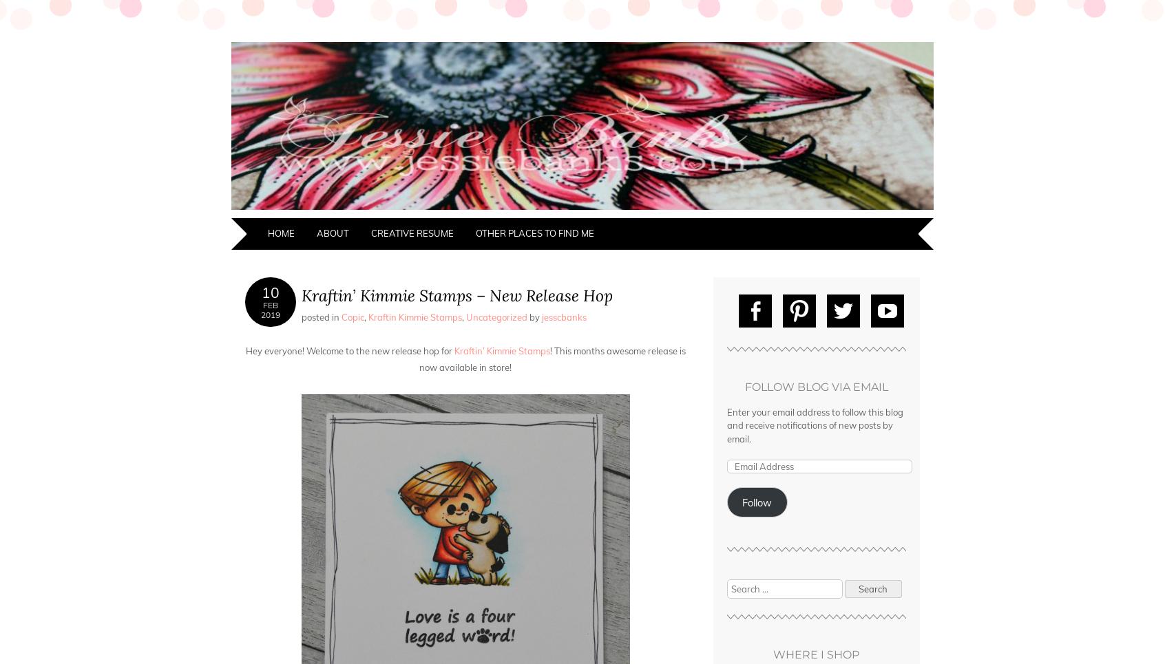  What do you see at coordinates (456, 294) in the screenshot?
I see `'Kraftin’ Kimmie Stamps – New Release Hop'` at bounding box center [456, 294].